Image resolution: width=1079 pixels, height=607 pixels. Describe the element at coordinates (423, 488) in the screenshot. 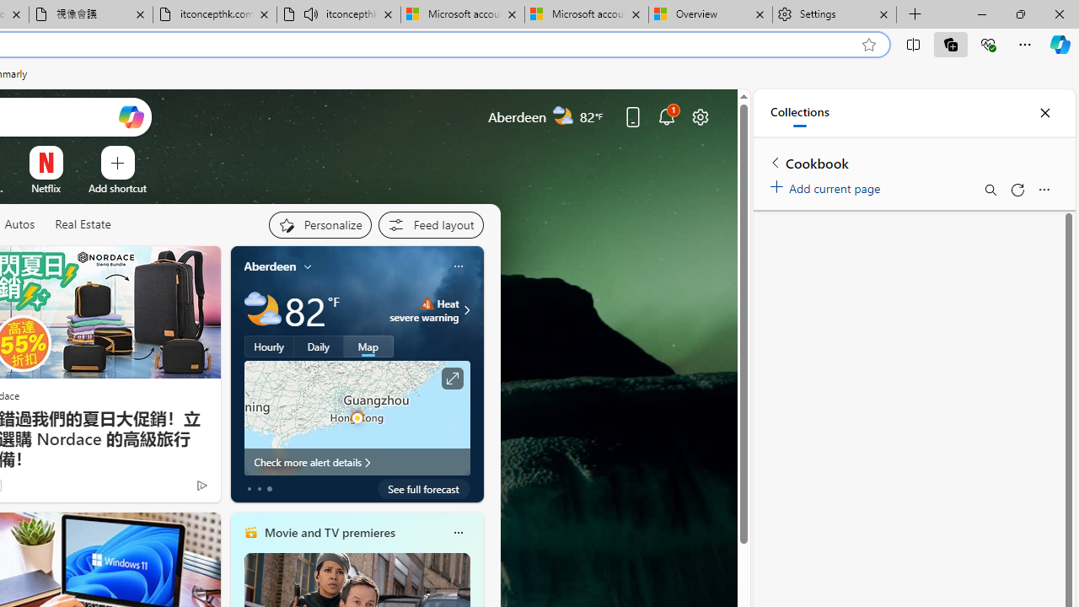

I see `'See full forecast'` at that location.